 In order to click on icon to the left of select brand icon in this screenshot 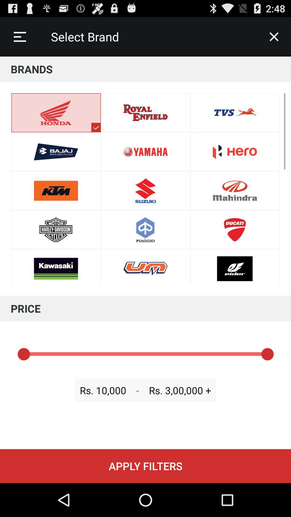, I will do `click(19, 36)`.